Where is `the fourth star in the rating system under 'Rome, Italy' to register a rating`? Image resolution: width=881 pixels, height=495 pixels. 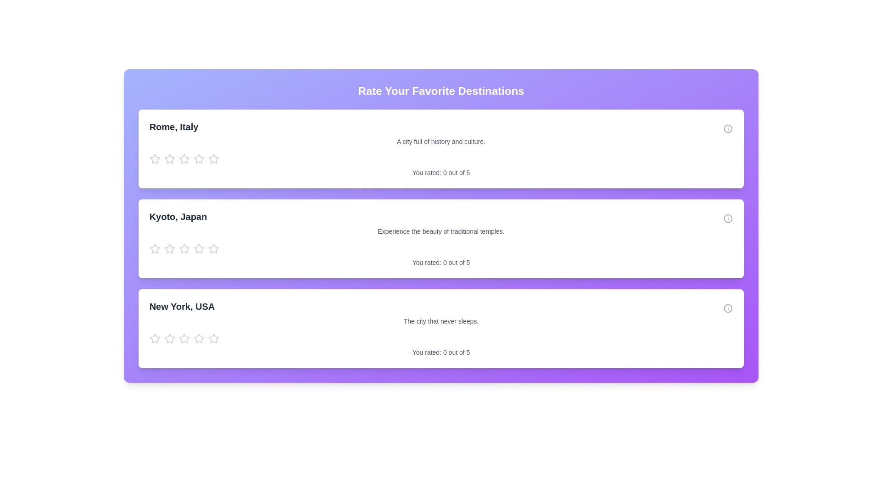
the fourth star in the rating system under 'Rome, Italy' to register a rating is located at coordinates (213, 158).